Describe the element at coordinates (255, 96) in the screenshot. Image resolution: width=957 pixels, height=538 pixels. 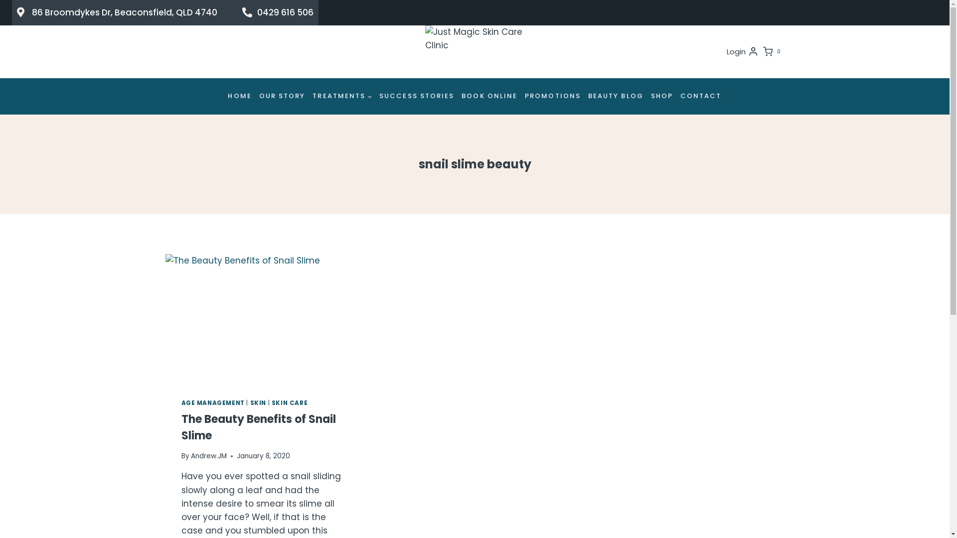
I see `'OUR STORY'` at that location.